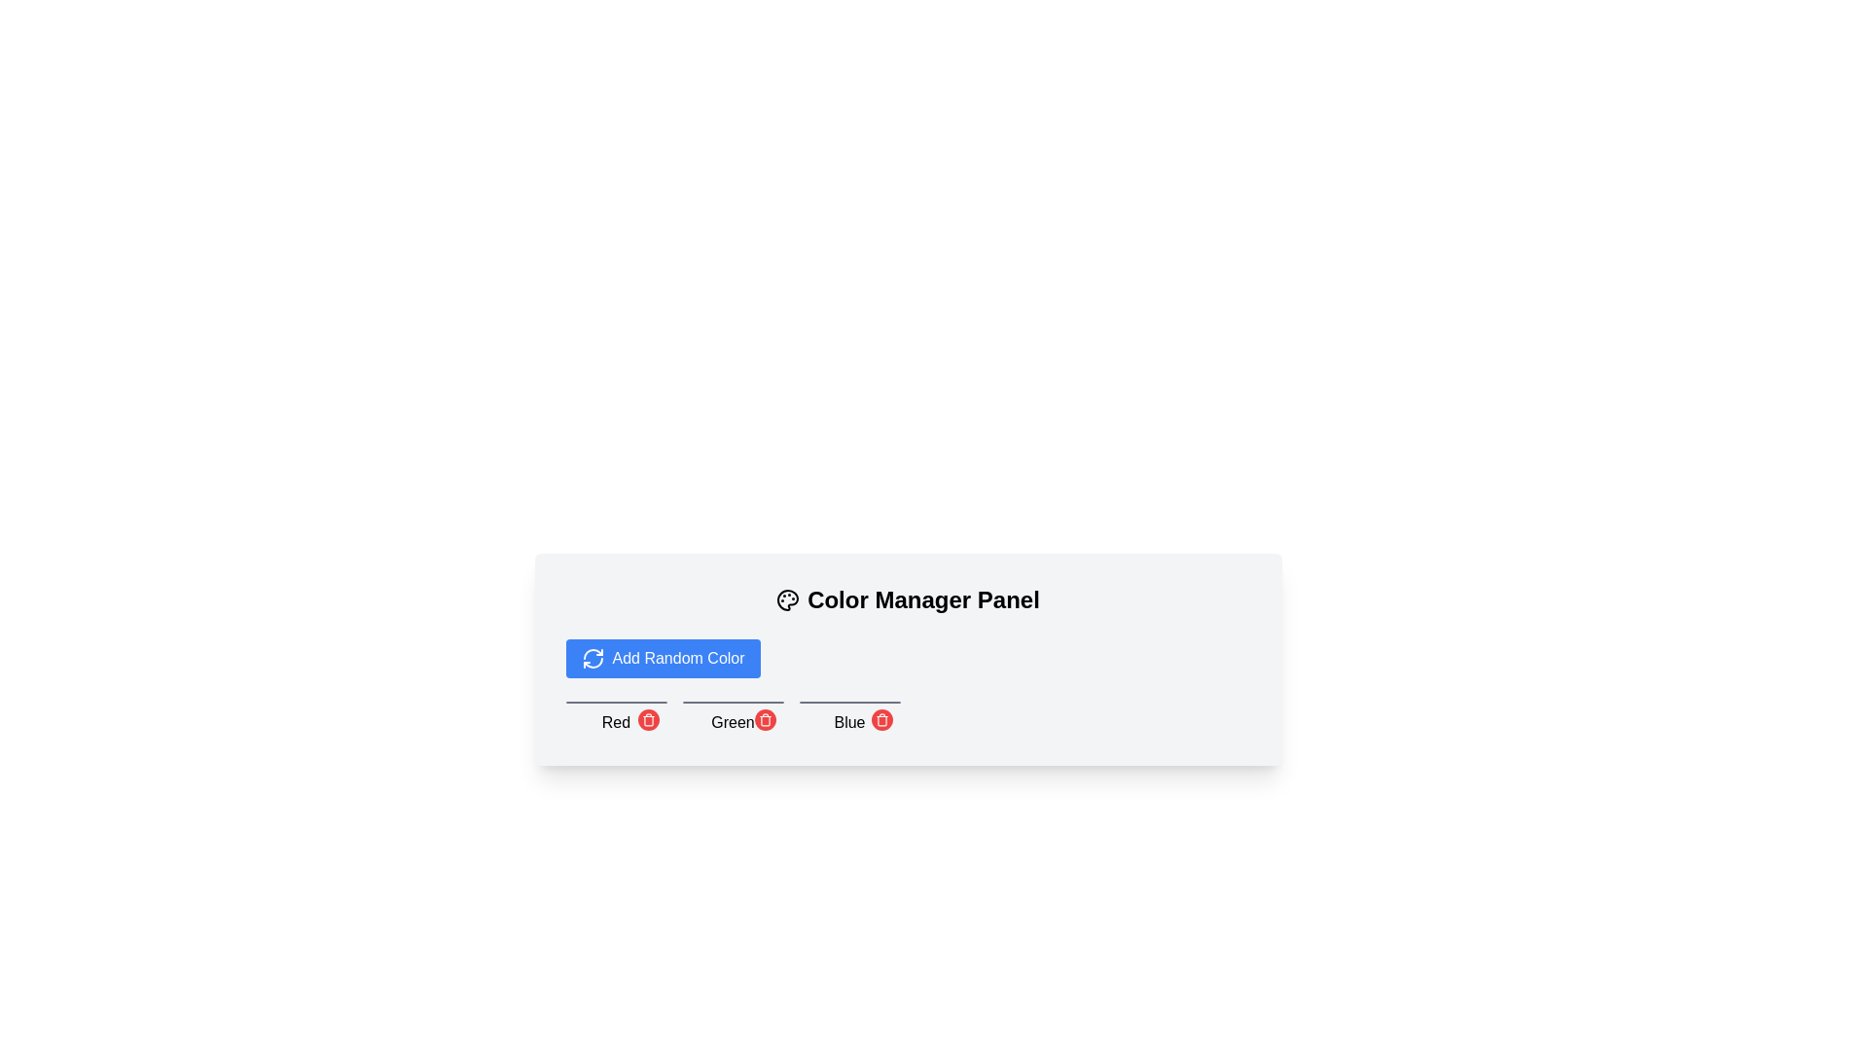  Describe the element at coordinates (788, 599) in the screenshot. I see `the painter's palette icon, which is located to the left of the 'Color Manager Panel' title text` at that location.